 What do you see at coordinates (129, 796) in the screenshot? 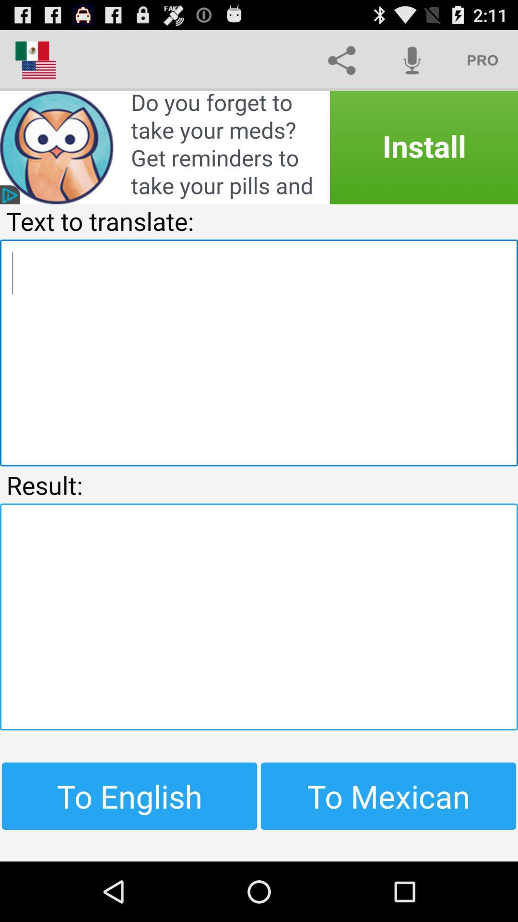
I see `the to english` at bounding box center [129, 796].